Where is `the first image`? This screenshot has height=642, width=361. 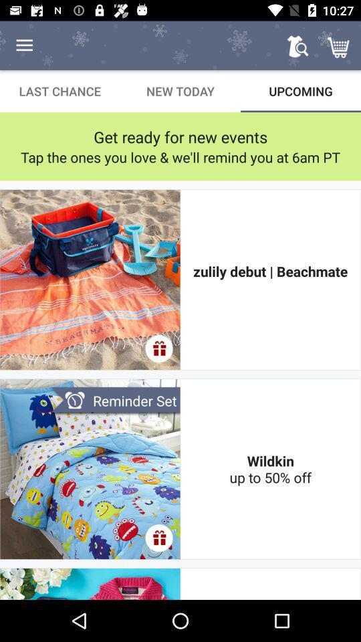 the first image is located at coordinates (90, 279).